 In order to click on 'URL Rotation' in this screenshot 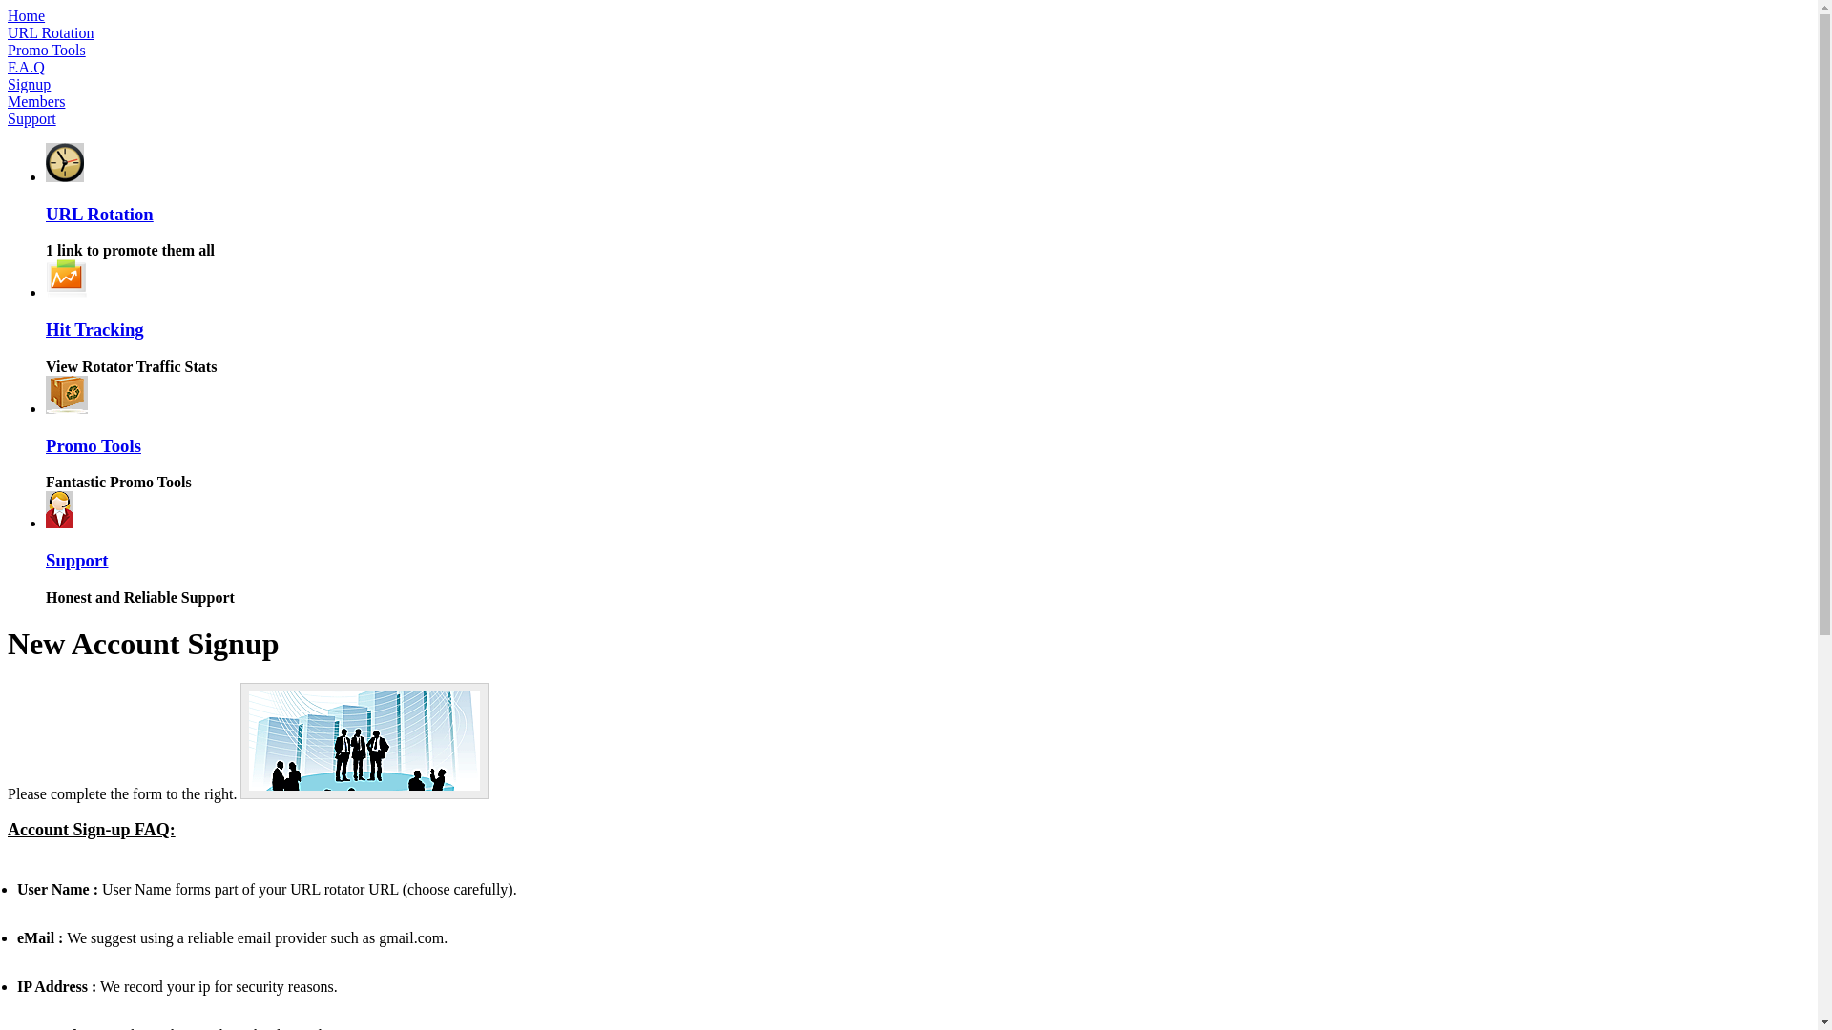, I will do `click(51, 32)`.